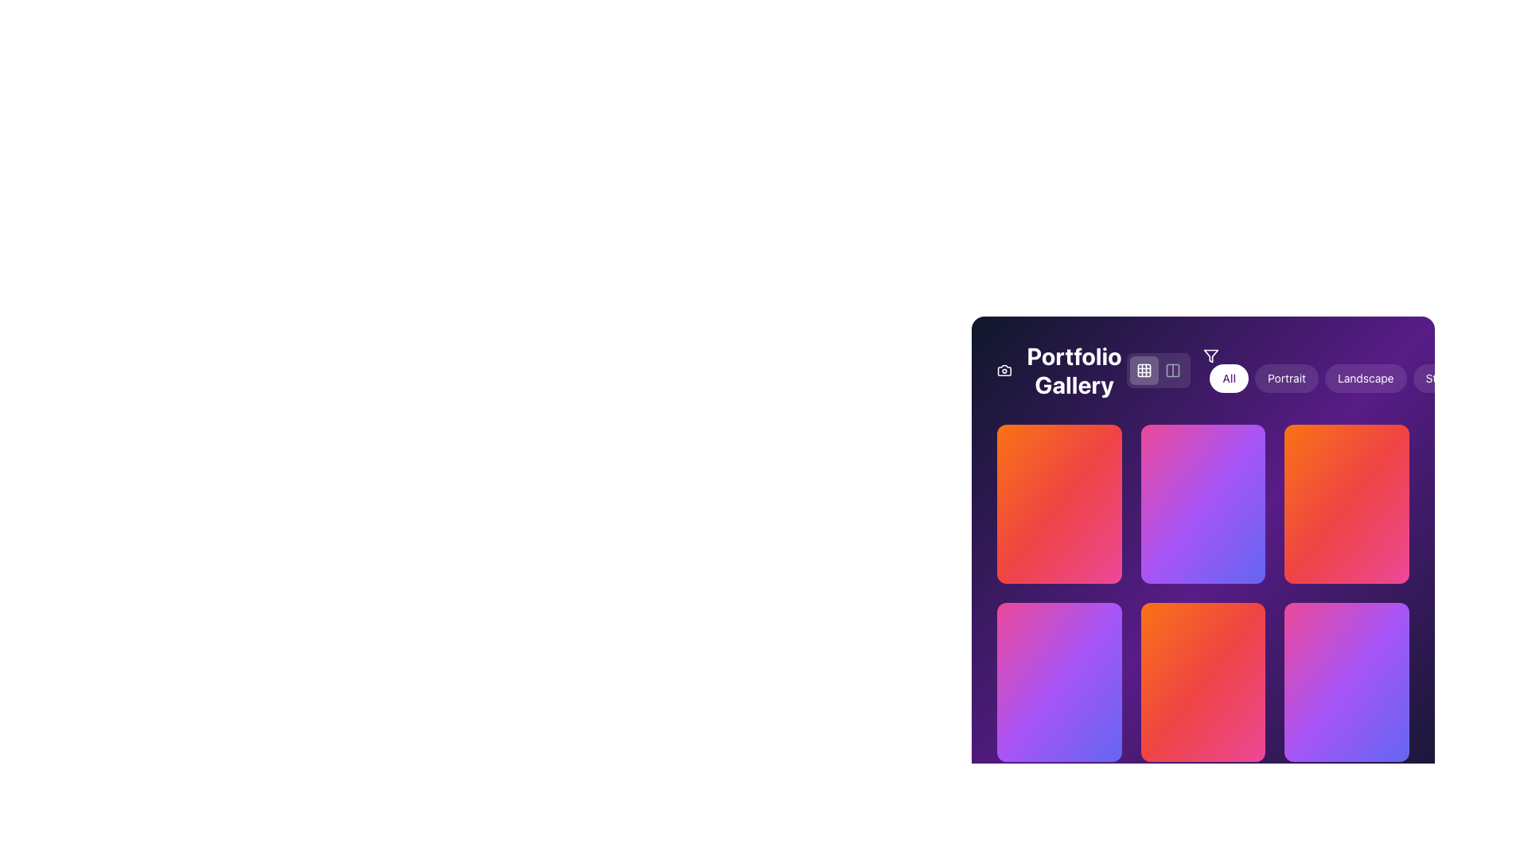  What do you see at coordinates (1203, 503) in the screenshot?
I see `the second grid tile displaying 'Artwork 27921122'` at bounding box center [1203, 503].